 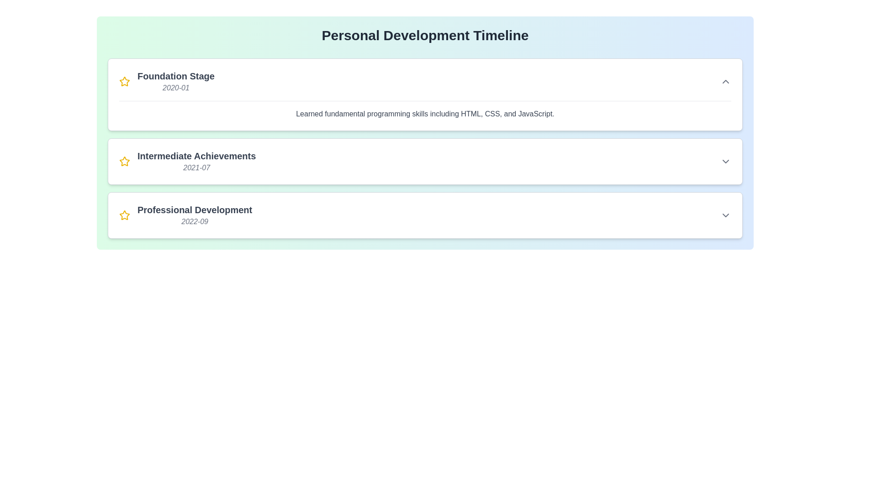 I want to click on the star icon in the 'Foundation Stage' row of the timeline, which serves as a visual marker indicating its importance or status, so click(x=124, y=81).